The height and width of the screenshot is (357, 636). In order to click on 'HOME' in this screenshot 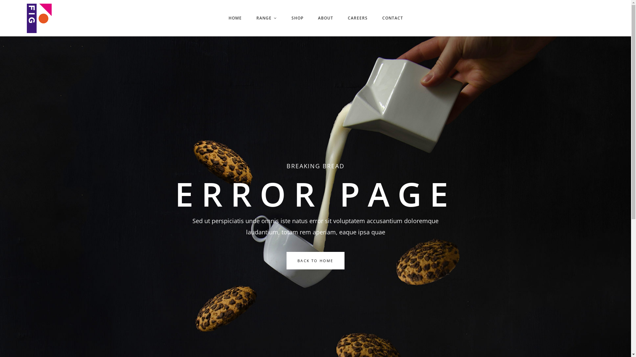, I will do `click(235, 18)`.